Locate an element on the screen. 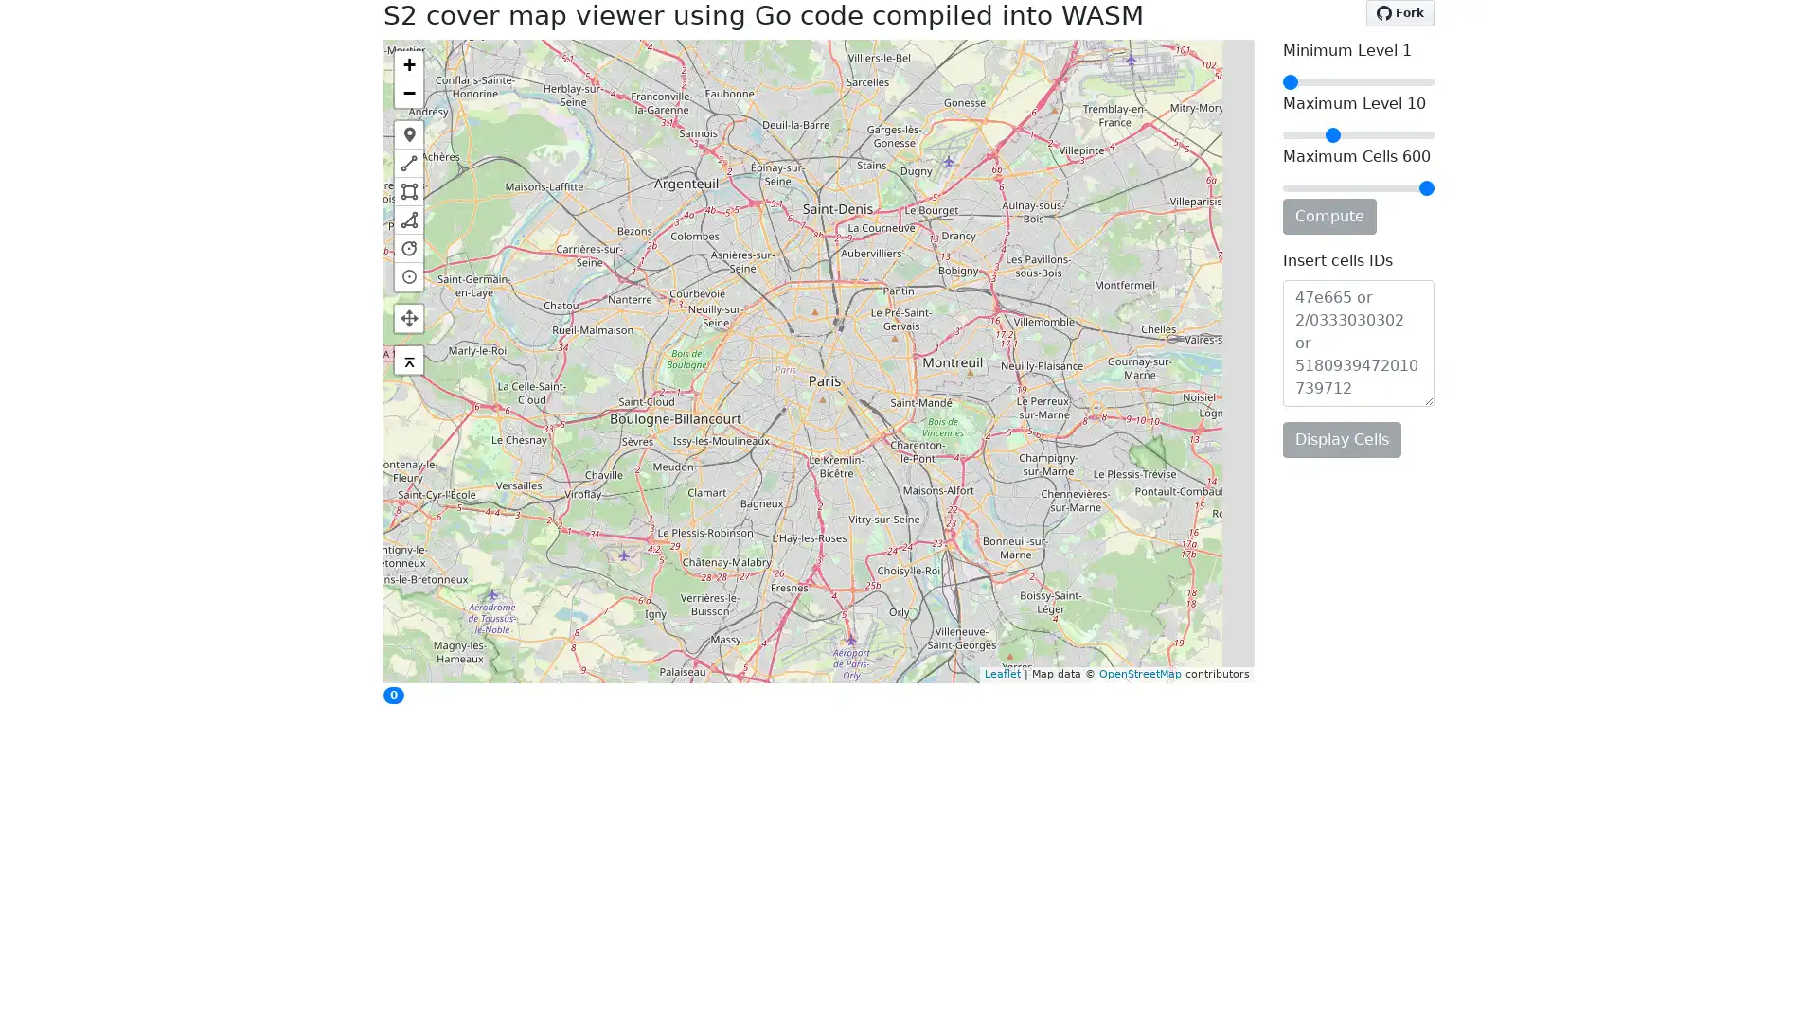 The image size is (1818, 1022). Zoom in is located at coordinates (408, 63).